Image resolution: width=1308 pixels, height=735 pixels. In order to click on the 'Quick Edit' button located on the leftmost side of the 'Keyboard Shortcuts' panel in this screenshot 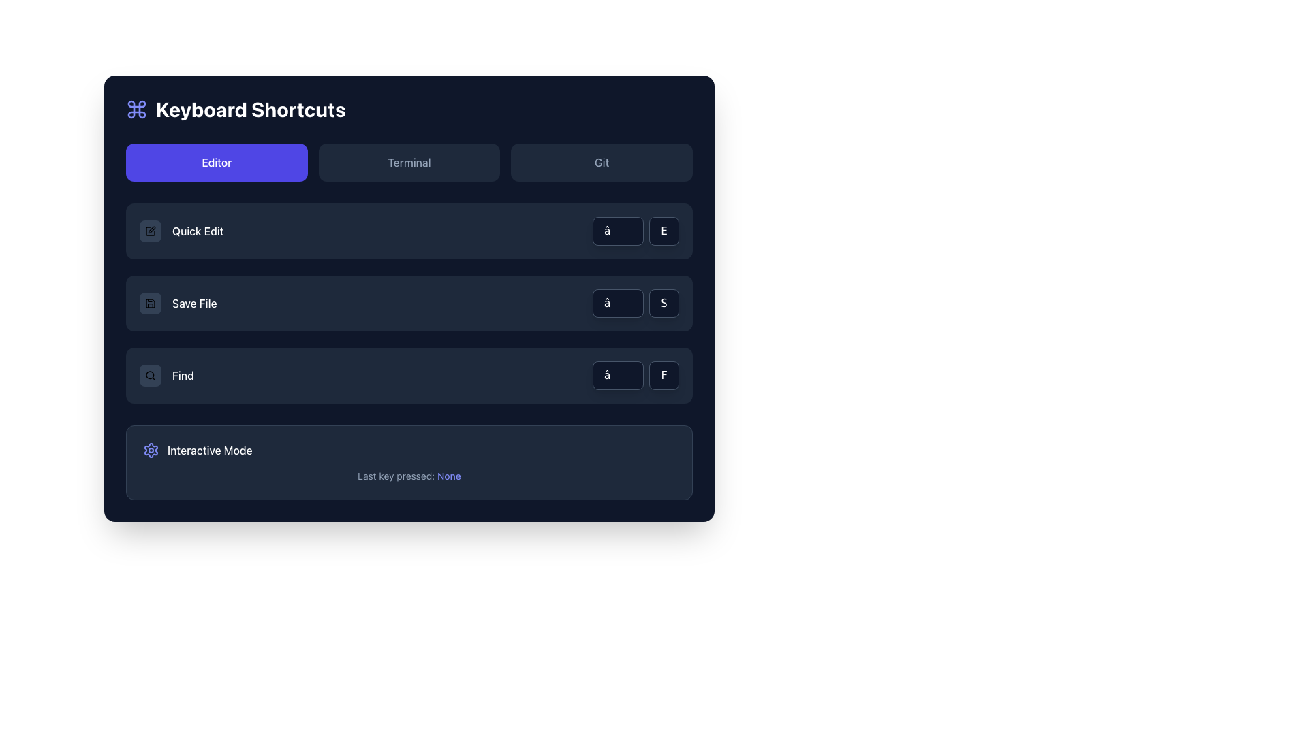, I will do `click(150, 230)`.